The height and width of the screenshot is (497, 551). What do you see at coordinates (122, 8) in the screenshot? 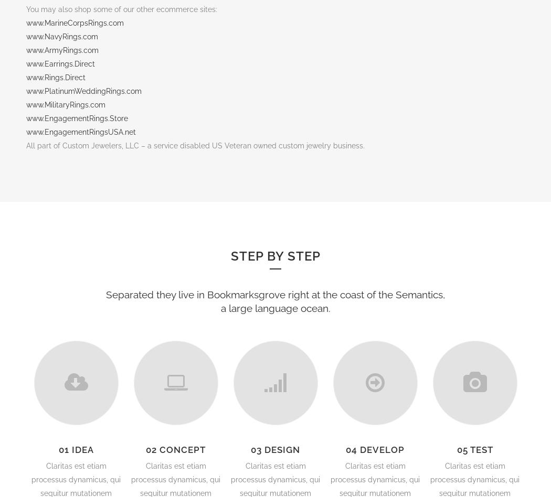
I see `'You may also shop some of our other ecommerce sites:'` at bounding box center [122, 8].